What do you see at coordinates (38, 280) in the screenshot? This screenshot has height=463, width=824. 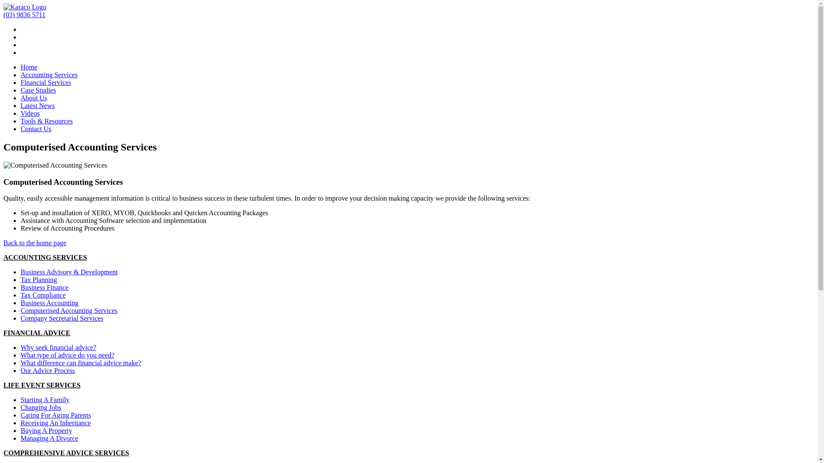 I see `'Tax Planning'` at bounding box center [38, 280].